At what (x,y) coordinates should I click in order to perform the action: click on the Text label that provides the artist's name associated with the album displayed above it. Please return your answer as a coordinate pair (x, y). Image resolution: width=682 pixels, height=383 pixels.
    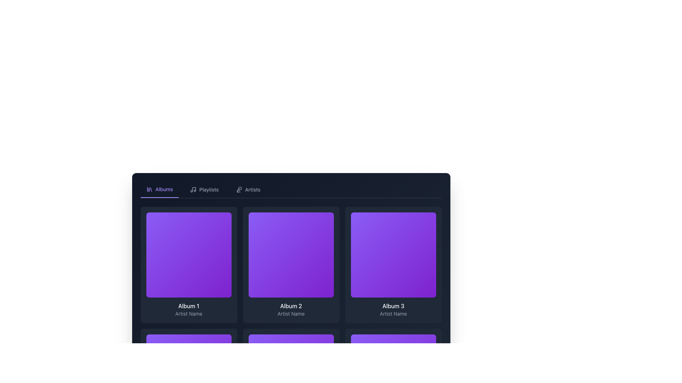
    Looking at the image, I should click on (189, 313).